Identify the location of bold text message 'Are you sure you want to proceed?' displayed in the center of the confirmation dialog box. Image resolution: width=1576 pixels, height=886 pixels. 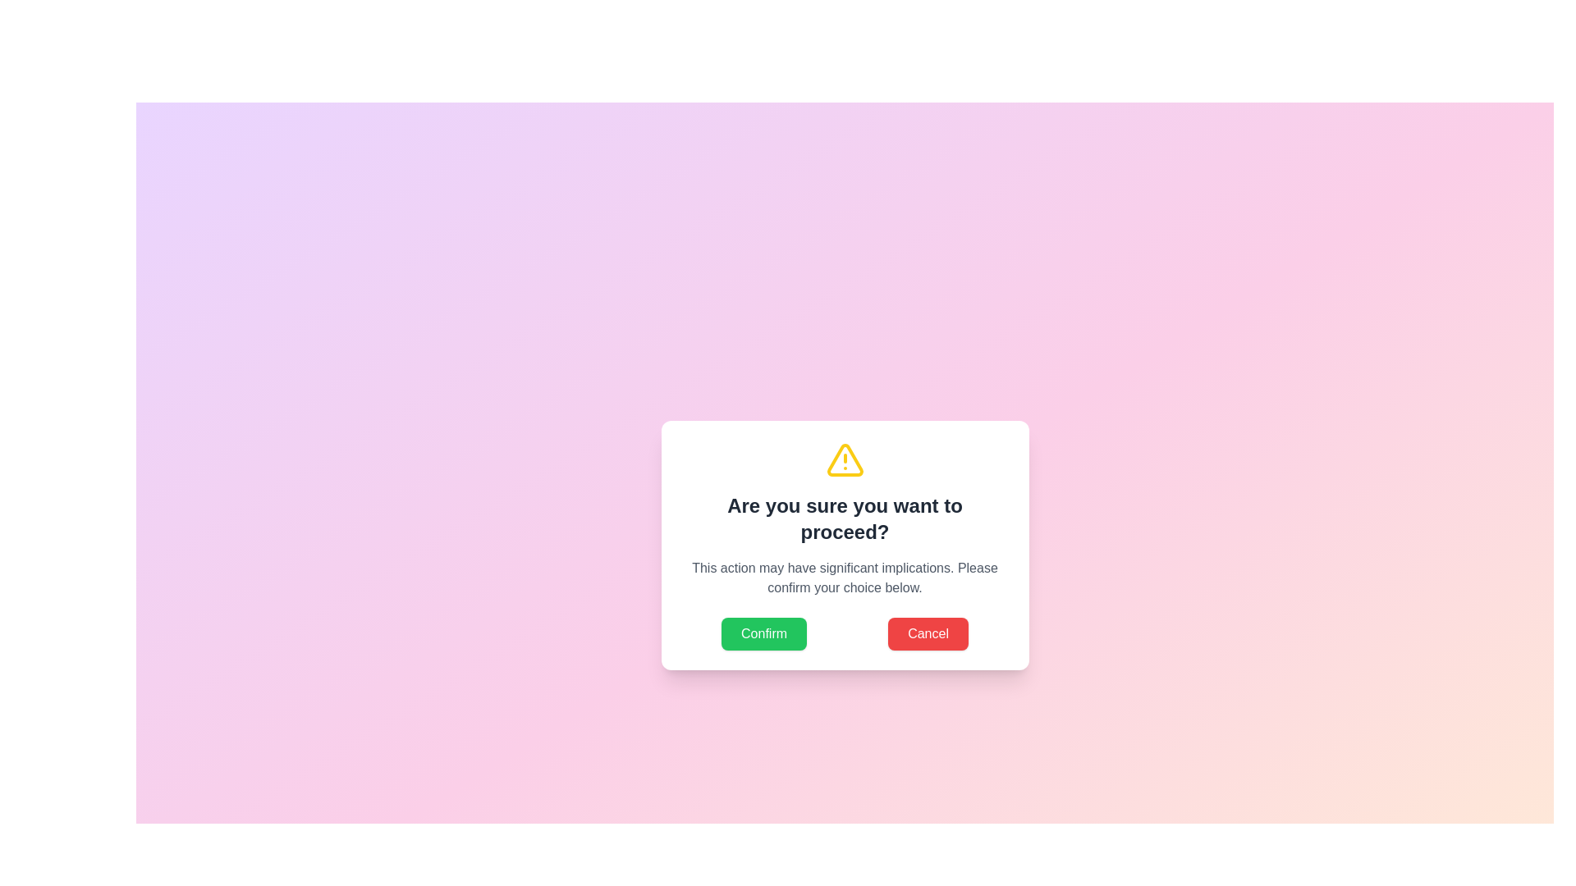
(845, 518).